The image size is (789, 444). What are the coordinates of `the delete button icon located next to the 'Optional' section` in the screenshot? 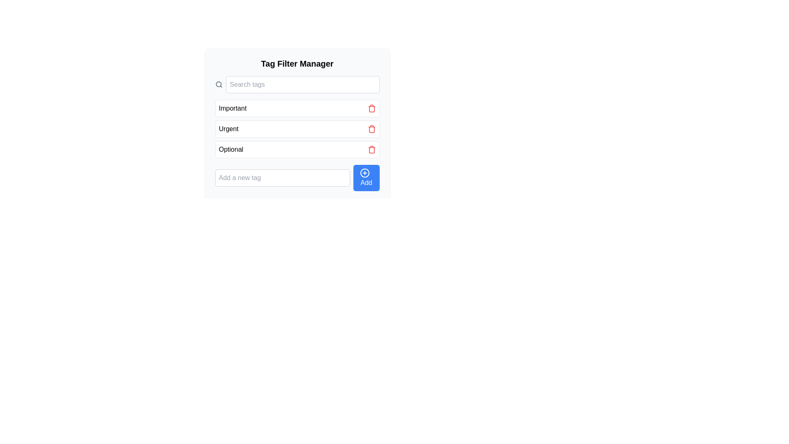 It's located at (371, 149).